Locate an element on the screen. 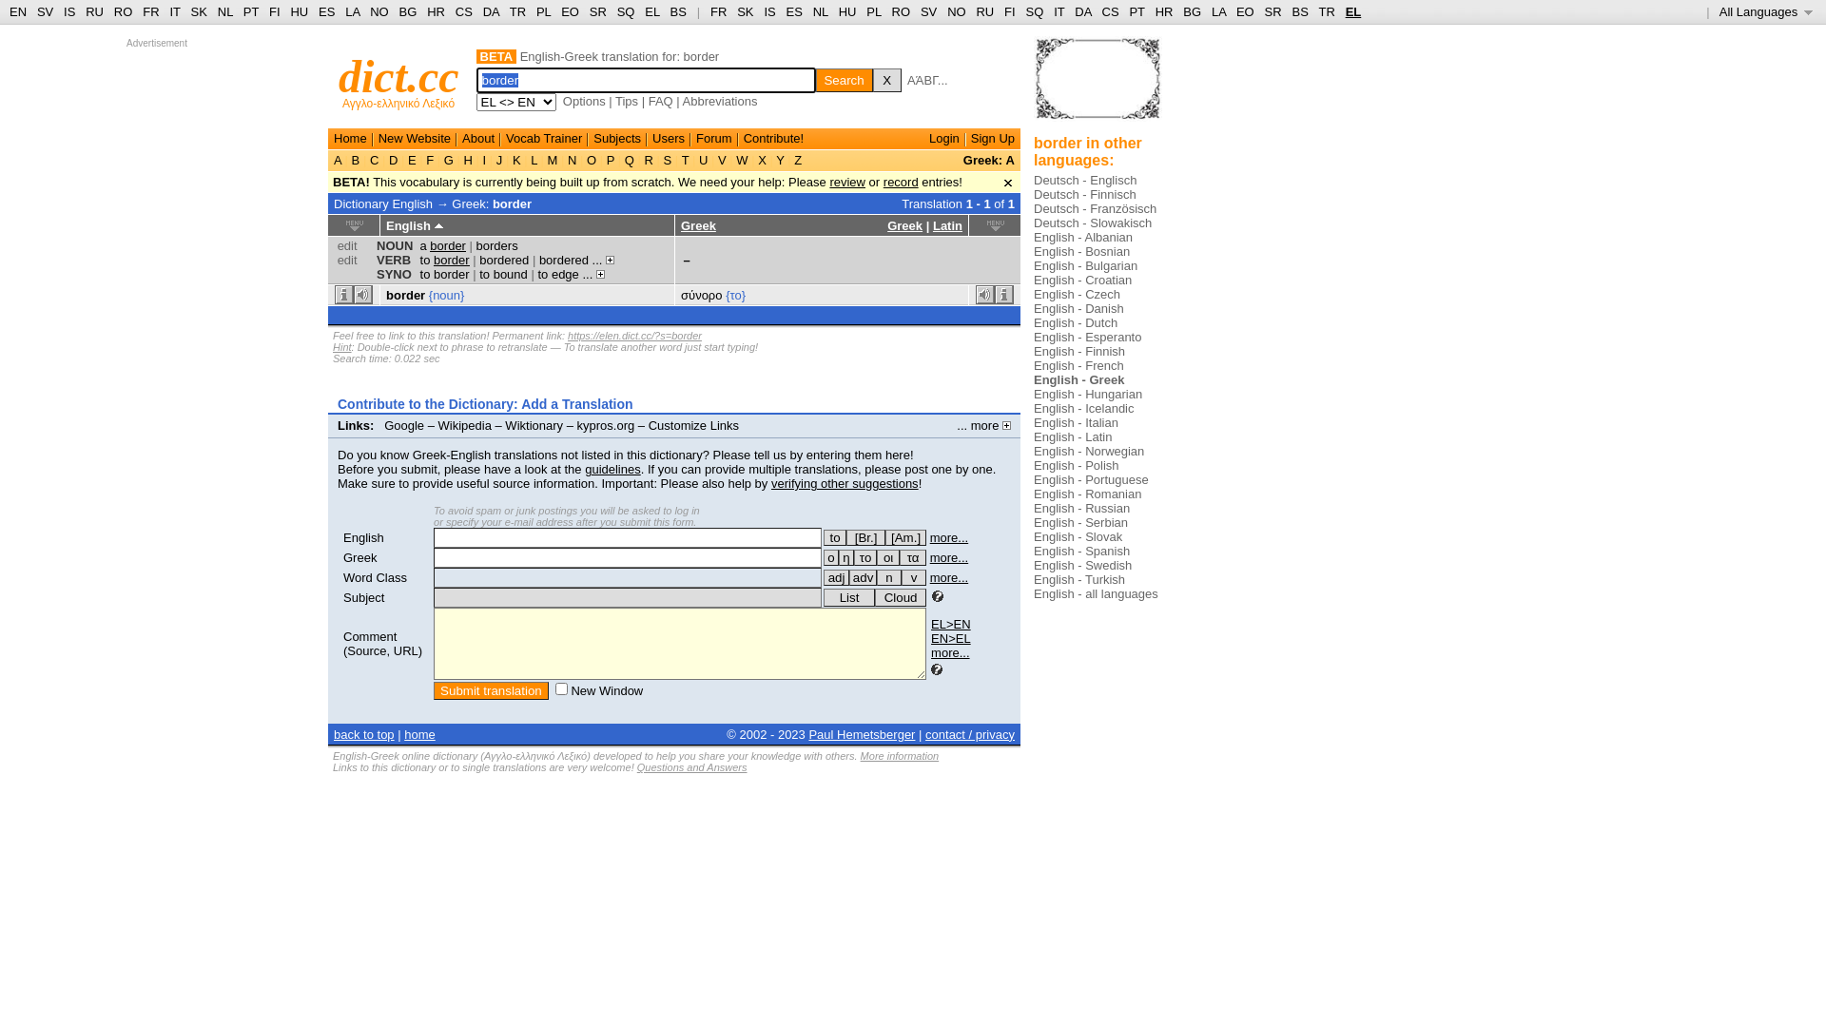 The height and width of the screenshot is (1027, 1826). 'English - Danish' is located at coordinates (1078, 307).